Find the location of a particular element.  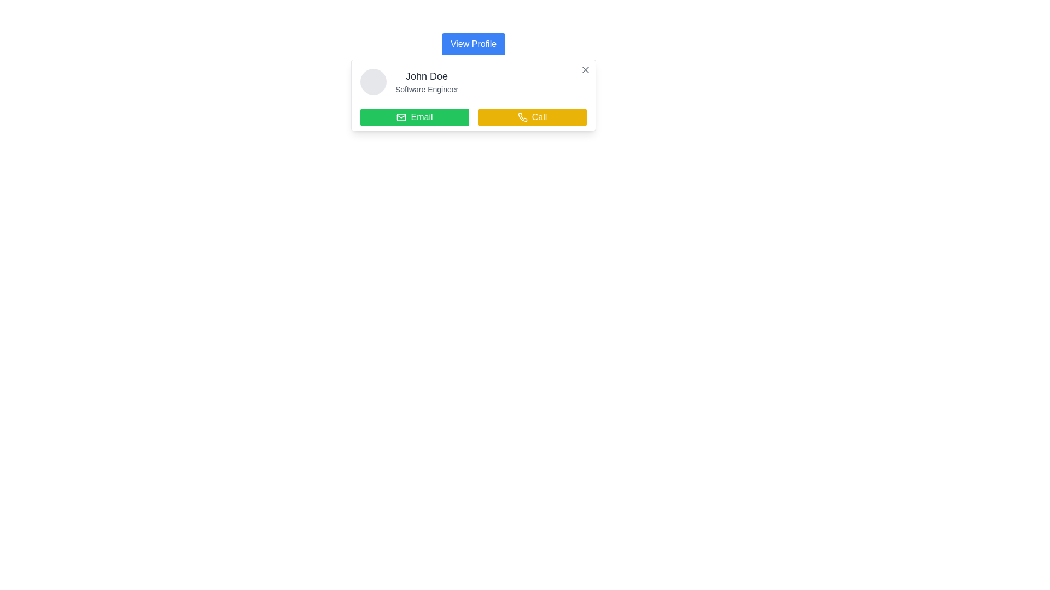

the label displaying the name of an individual in the profile card, which is positioned above the subtitle 'Software Engineer' and next to the user profile image is located at coordinates (426, 75).